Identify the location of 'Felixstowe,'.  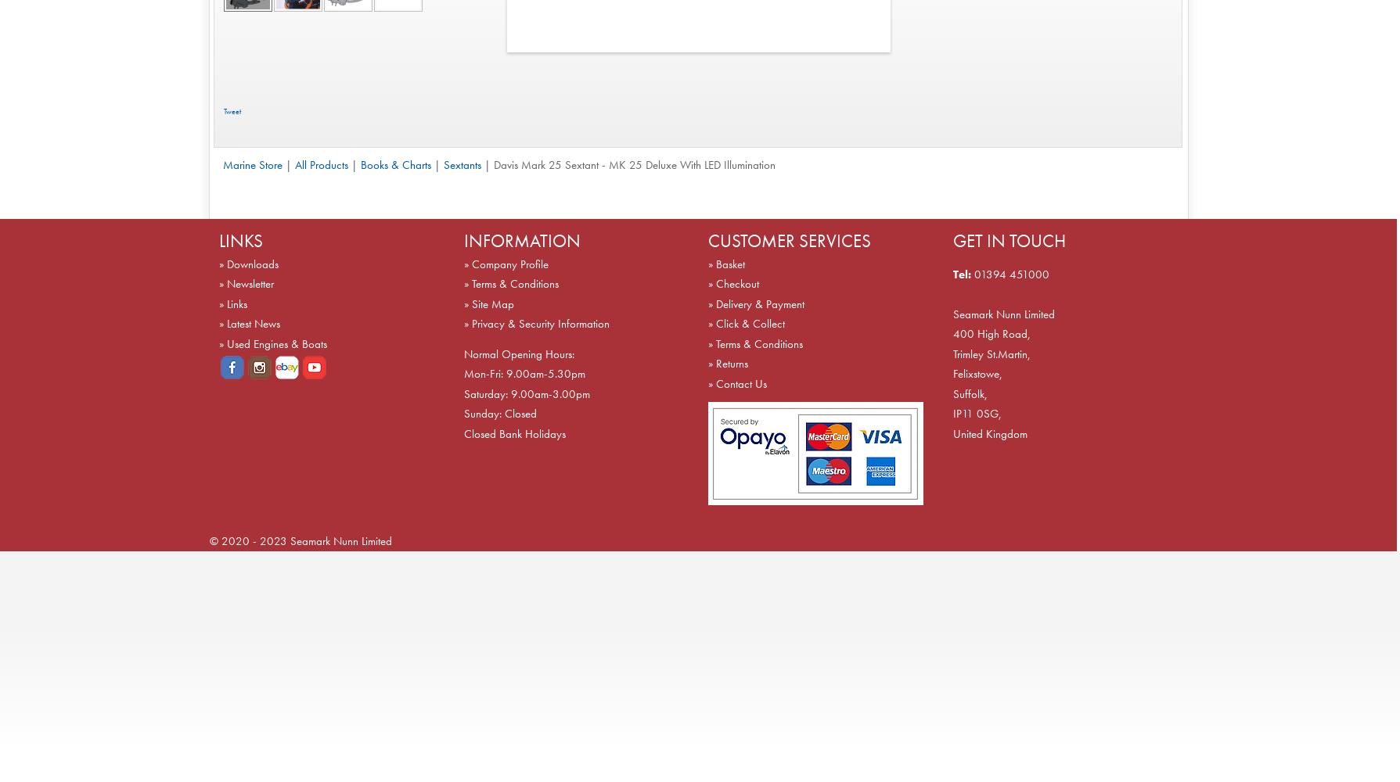
(977, 373).